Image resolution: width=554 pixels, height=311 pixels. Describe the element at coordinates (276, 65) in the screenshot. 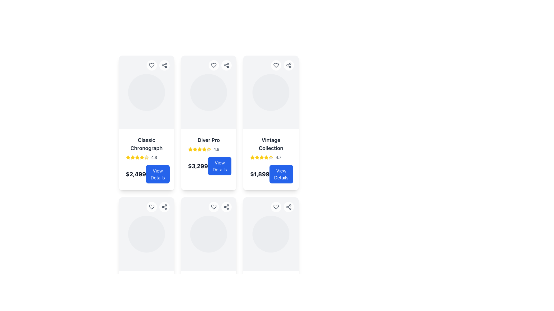

I see `the heart icon in the top-right corner of the third card to change its color` at that location.